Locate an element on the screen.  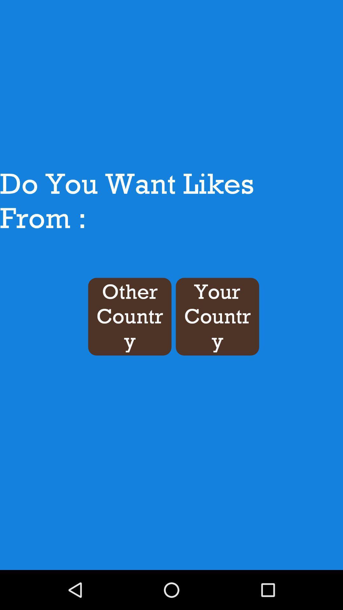
the item below do you want item is located at coordinates (217, 316).